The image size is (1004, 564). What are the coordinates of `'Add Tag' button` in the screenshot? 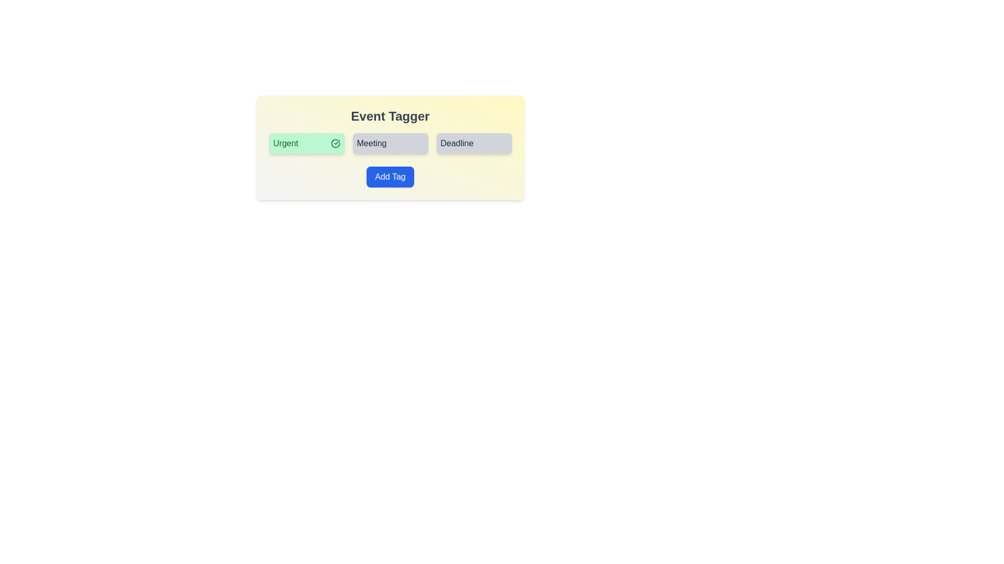 It's located at (389, 177).